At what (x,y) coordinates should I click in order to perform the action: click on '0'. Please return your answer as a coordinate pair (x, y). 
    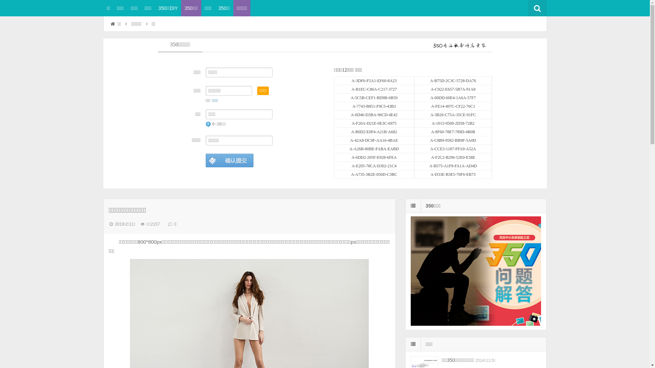
    Looking at the image, I should click on (175, 224).